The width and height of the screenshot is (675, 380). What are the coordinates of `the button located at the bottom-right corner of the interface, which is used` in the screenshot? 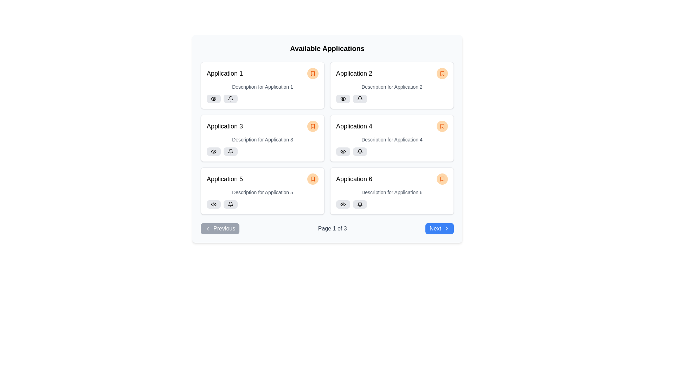 It's located at (439, 229).